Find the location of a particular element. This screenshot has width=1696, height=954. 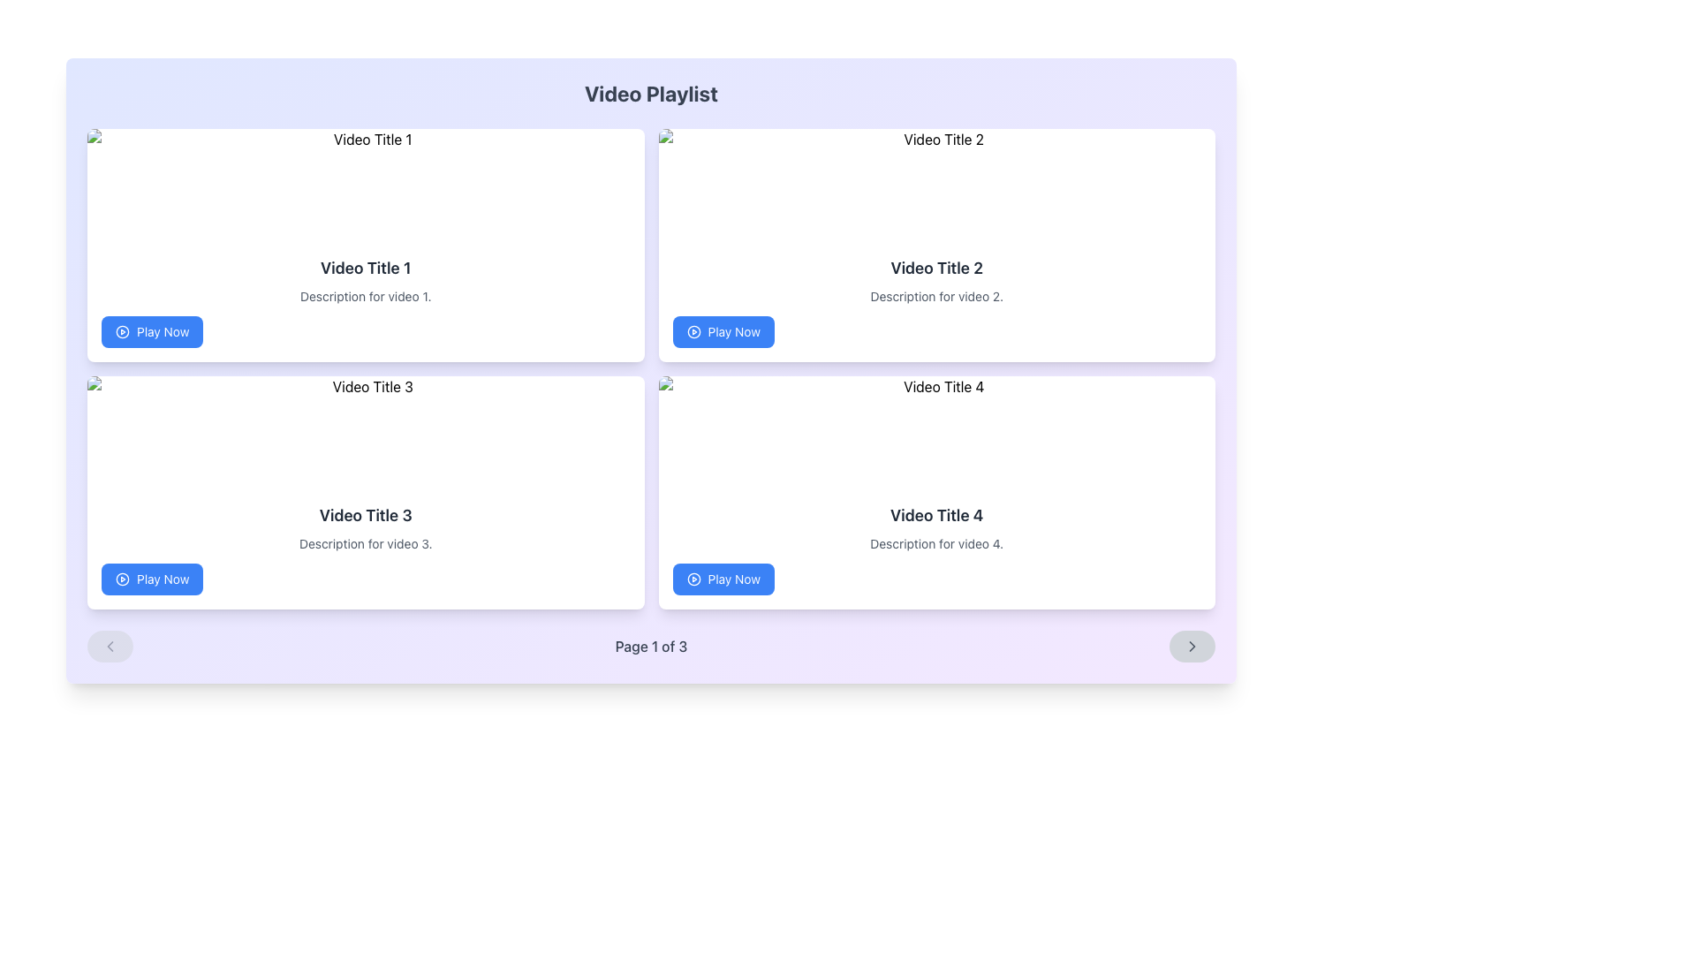

the title 'Video Title 1' is located at coordinates (365, 269).